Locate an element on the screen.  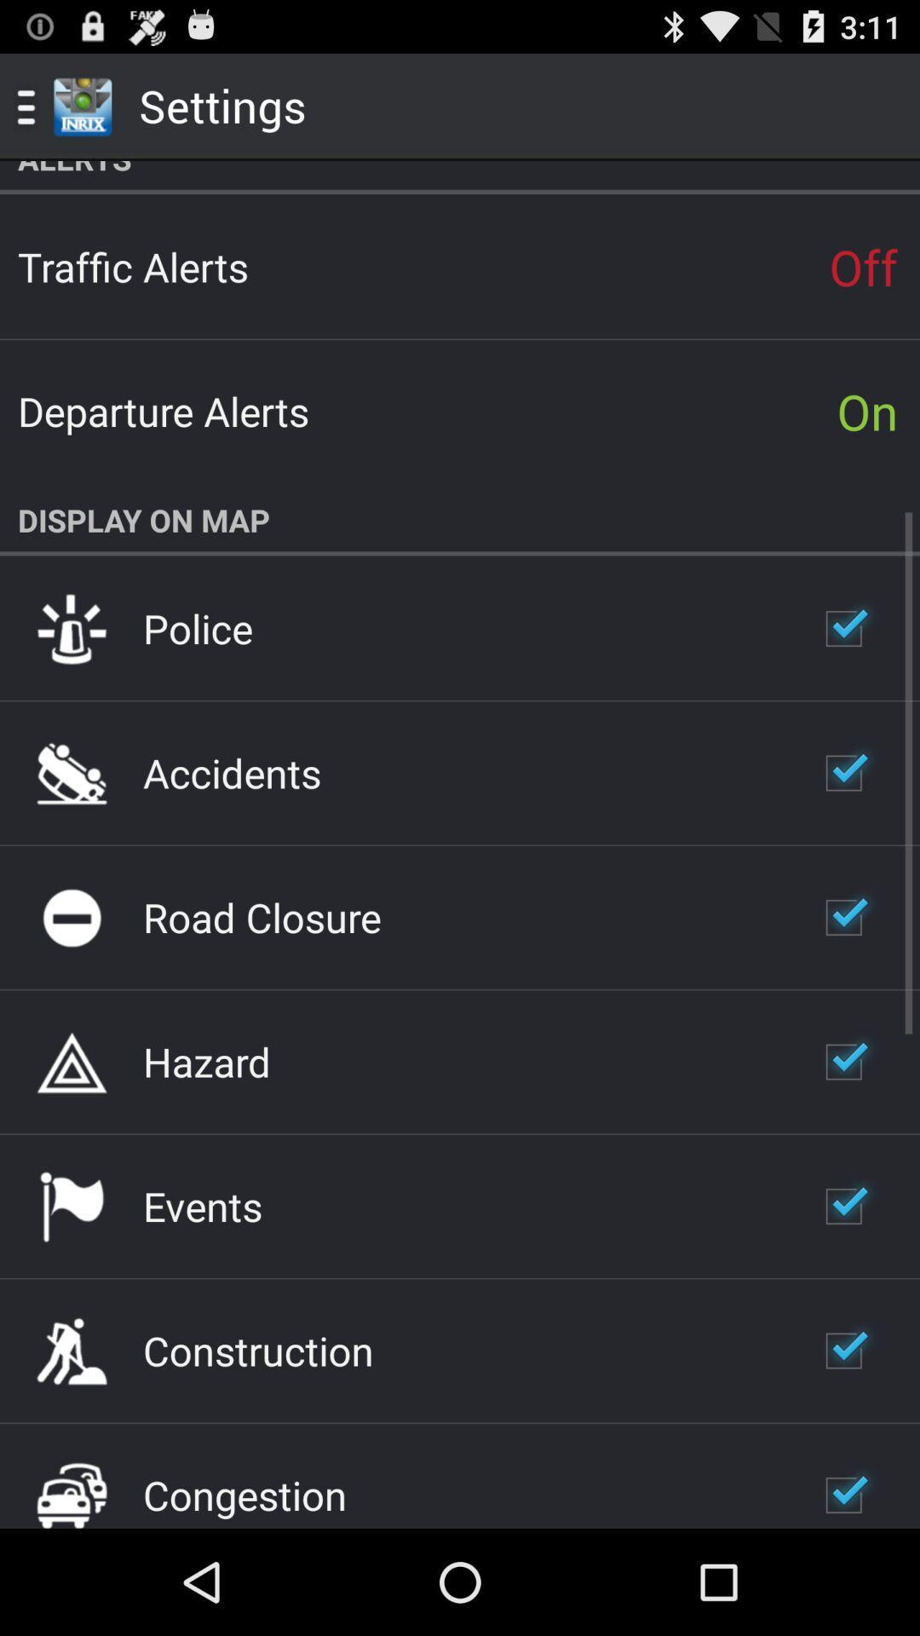
the police icon is located at coordinates (197, 627).